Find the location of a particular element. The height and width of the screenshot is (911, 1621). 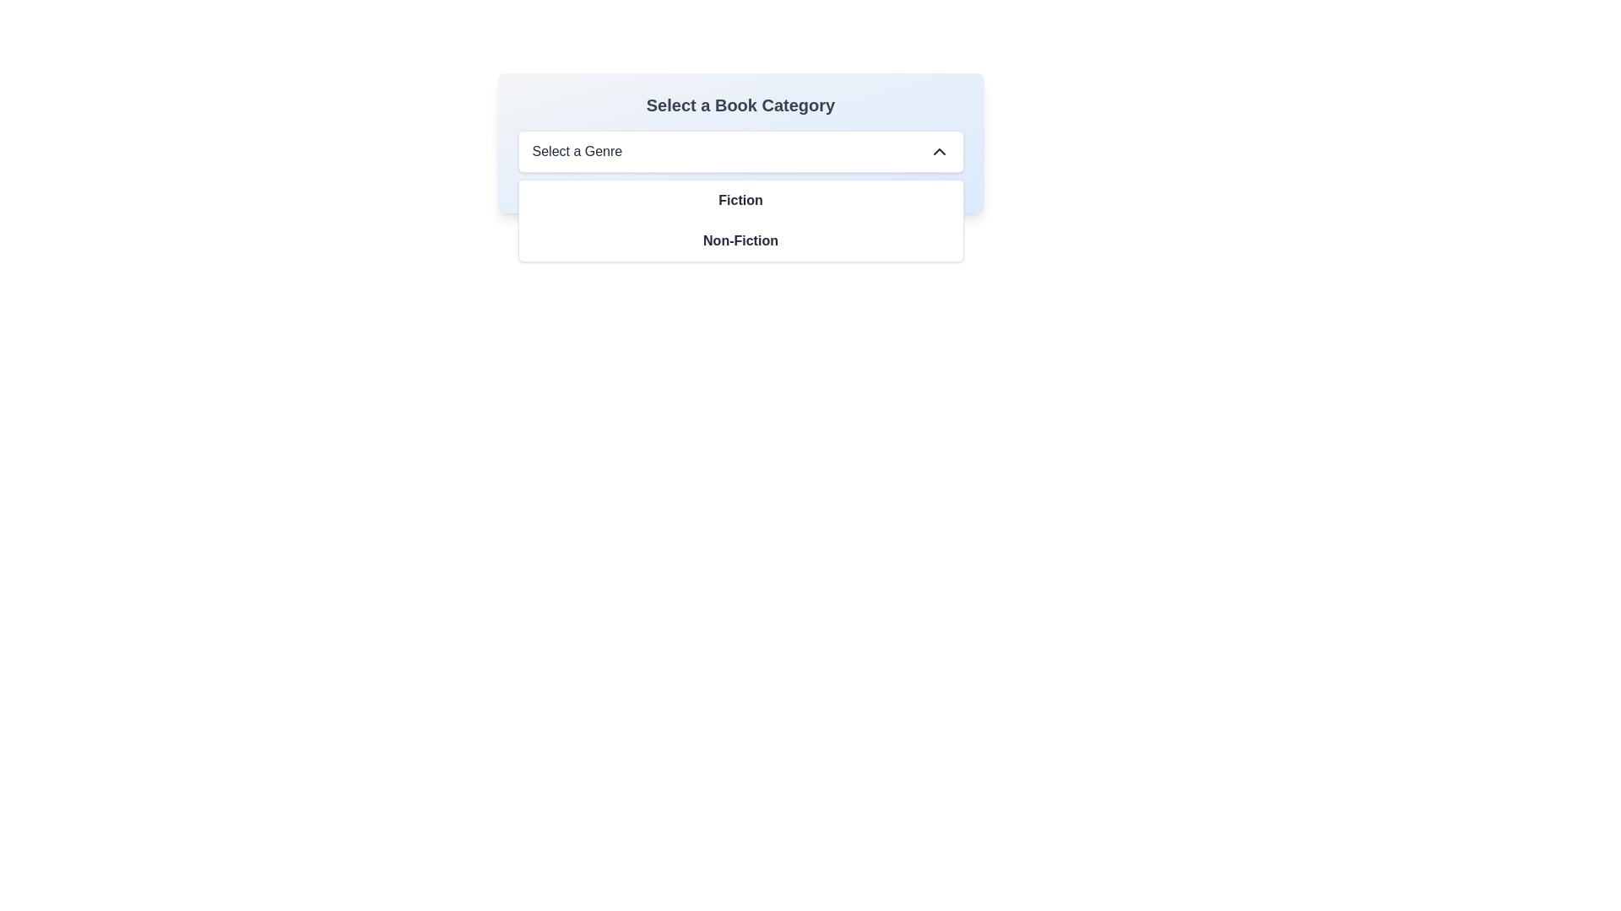

to select the 'Non-Fiction' category from the dropdown menu located below 'Select a Book Category', specifically the second item in the list is located at coordinates (740, 240).